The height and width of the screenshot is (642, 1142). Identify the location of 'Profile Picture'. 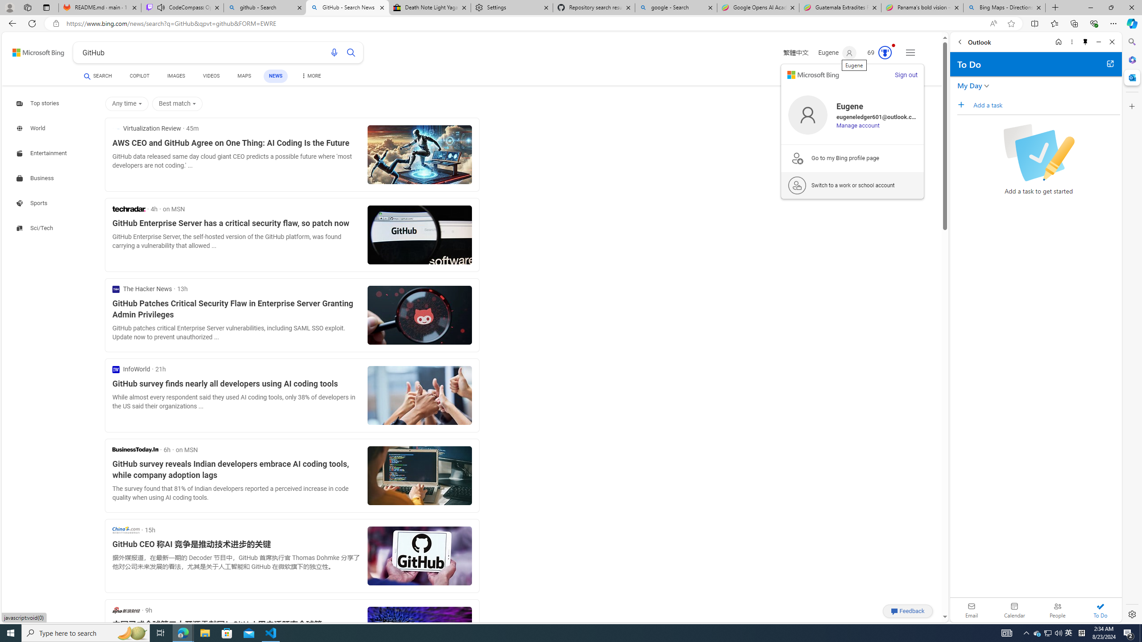
(807, 115).